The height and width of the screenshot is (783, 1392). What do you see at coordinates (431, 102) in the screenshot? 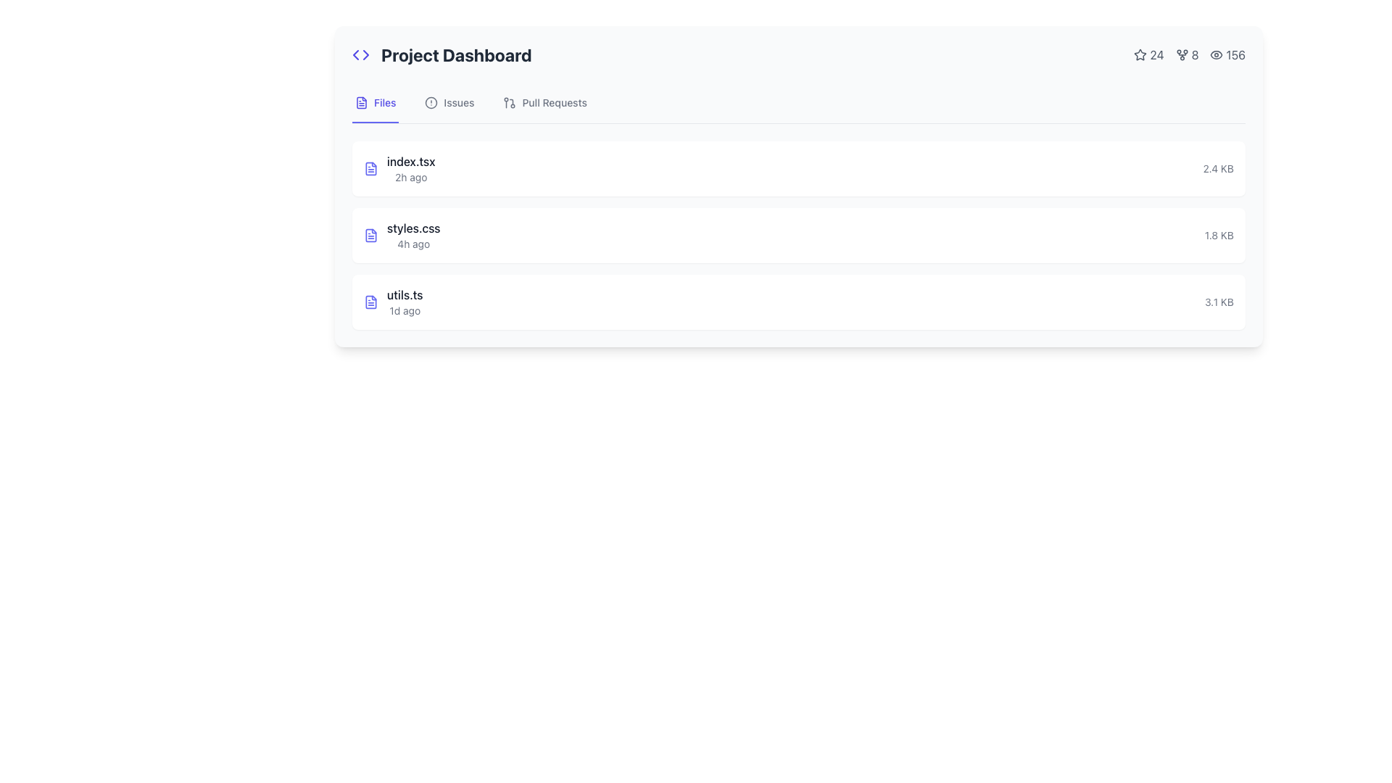
I see `the circular icon with a thin black outline, featuring a vertical line segment at the top center and a dot below it, located to the left of the 'Issues' text in the navigation bar` at bounding box center [431, 102].